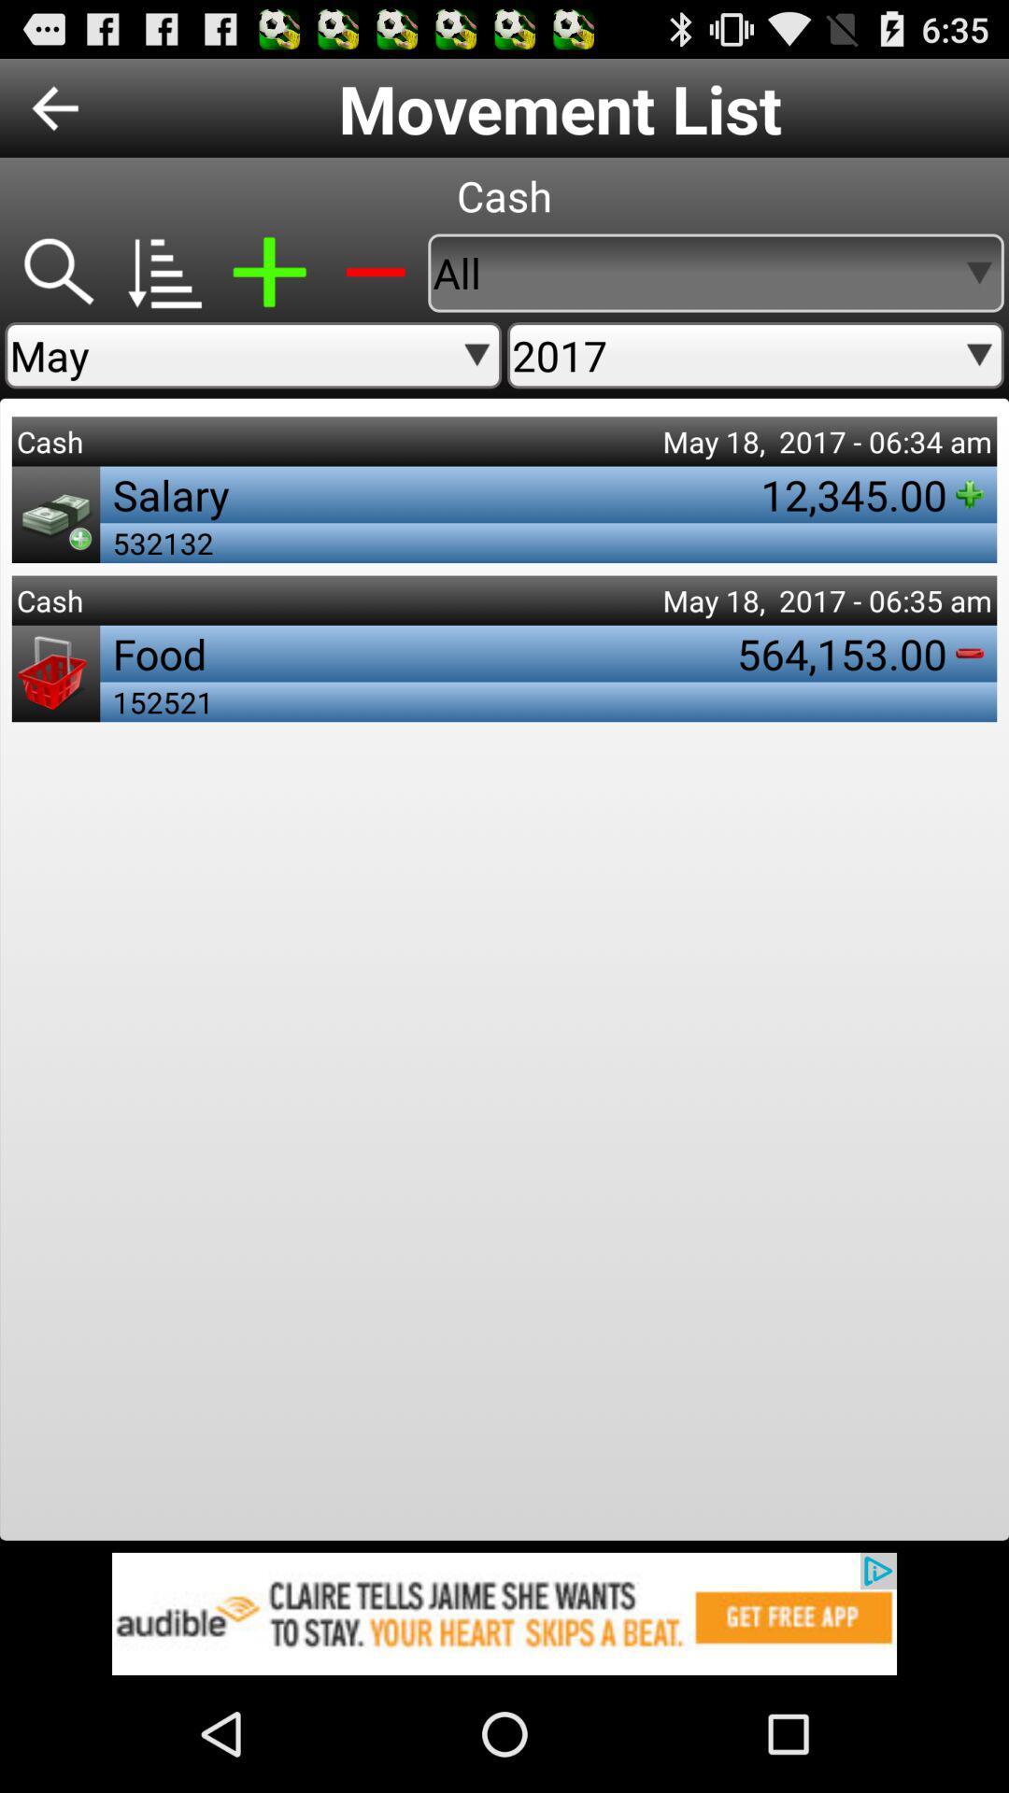  Describe the element at coordinates (163, 290) in the screenshot. I see `the description icon` at that location.